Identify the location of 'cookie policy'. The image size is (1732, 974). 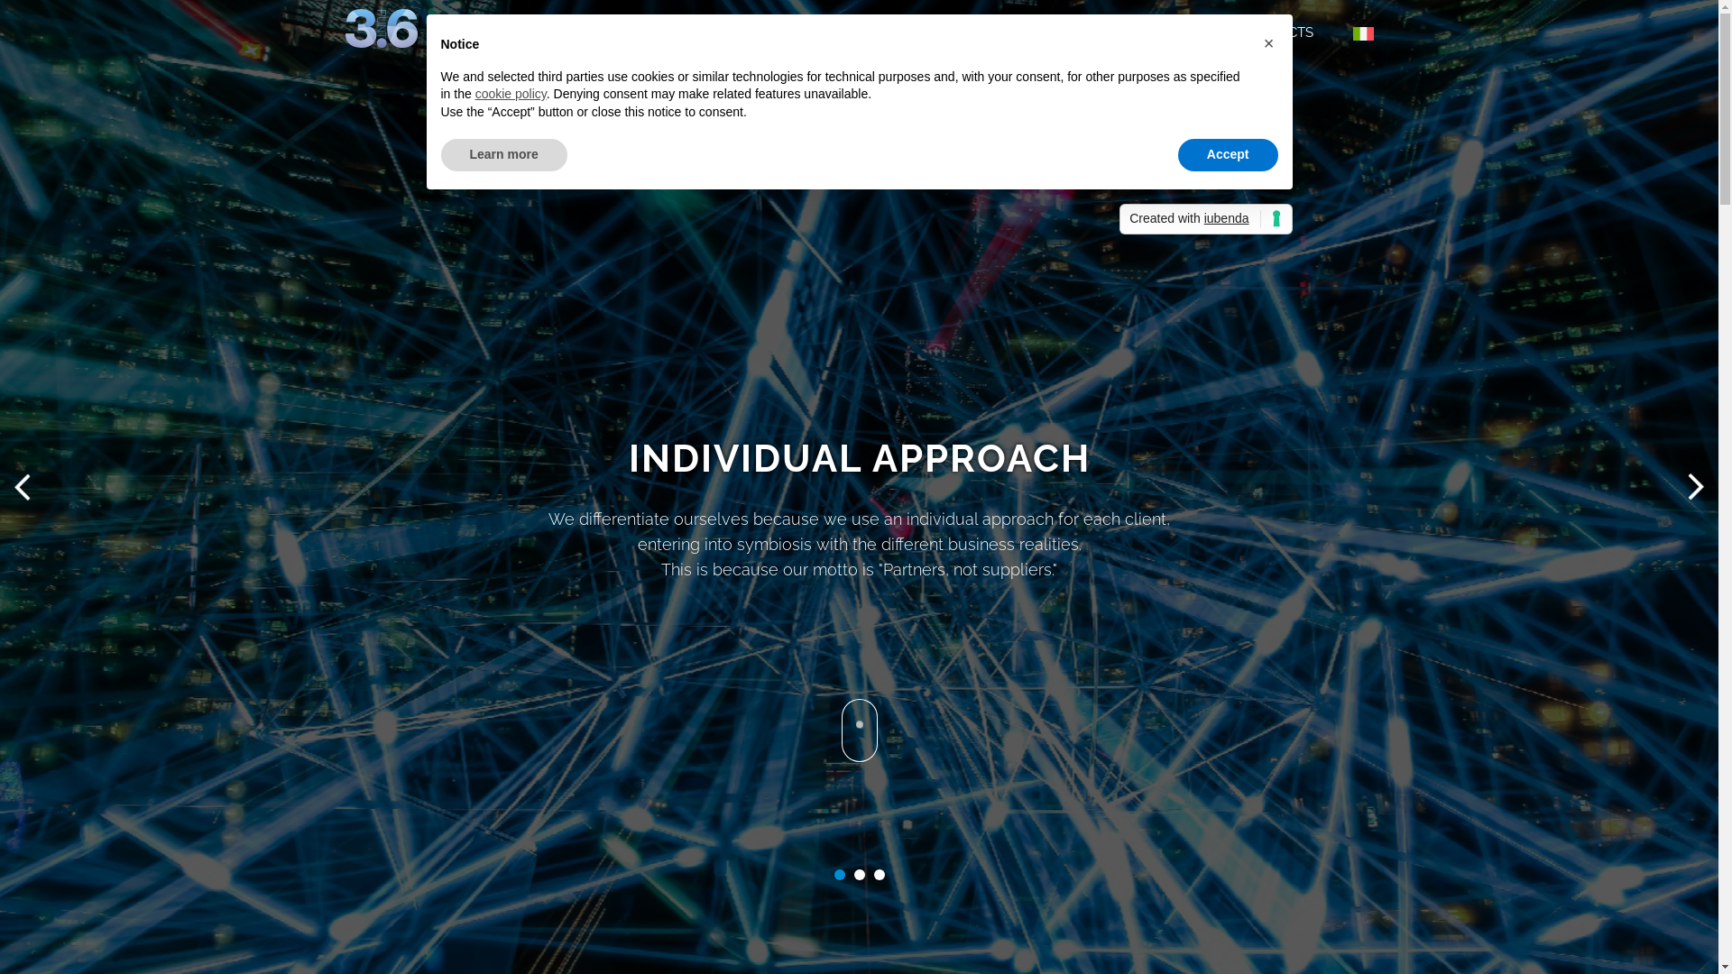
(475, 94).